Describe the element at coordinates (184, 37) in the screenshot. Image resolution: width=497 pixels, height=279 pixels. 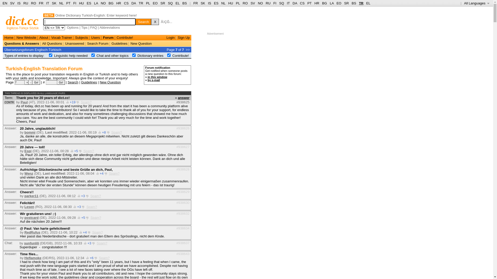
I see `'Sign Up'` at that location.